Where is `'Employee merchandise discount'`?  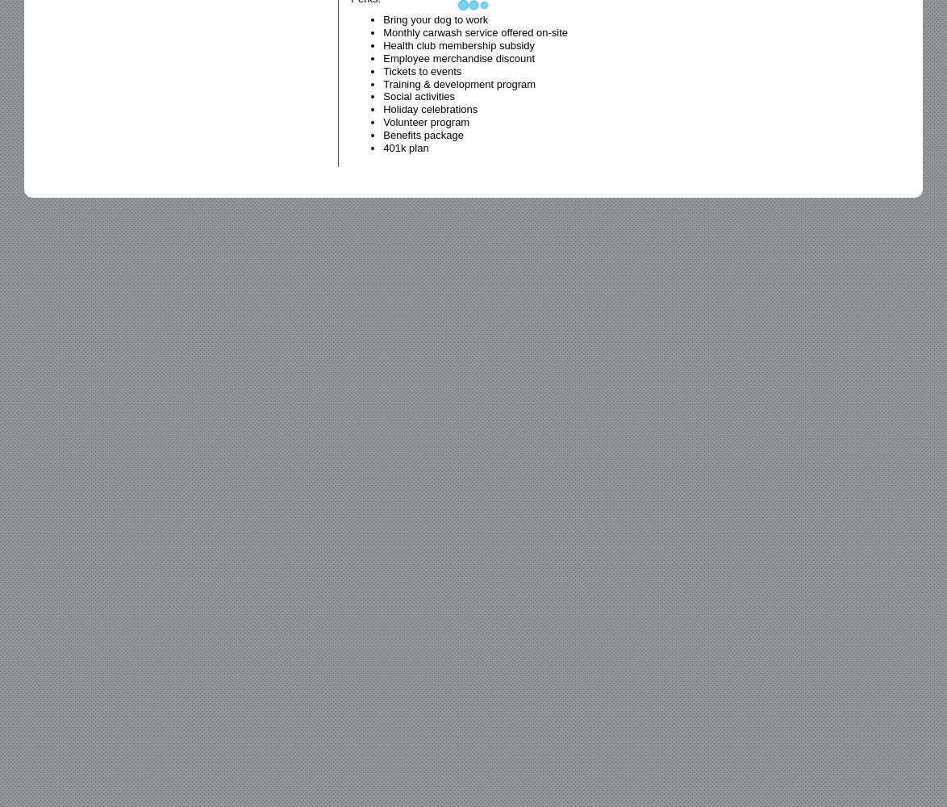 'Employee merchandise discount' is located at coordinates (458, 56).